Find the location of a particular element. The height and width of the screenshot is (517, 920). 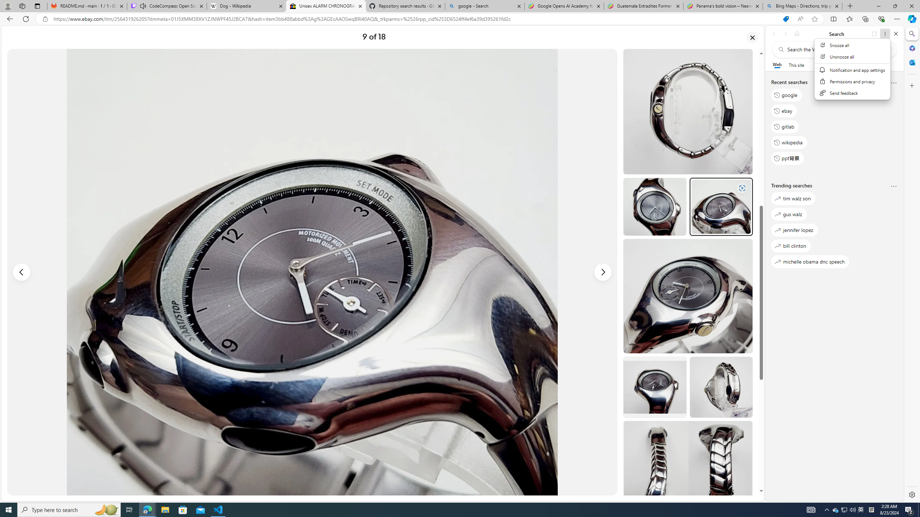

'Snooze all' is located at coordinates (852, 45).